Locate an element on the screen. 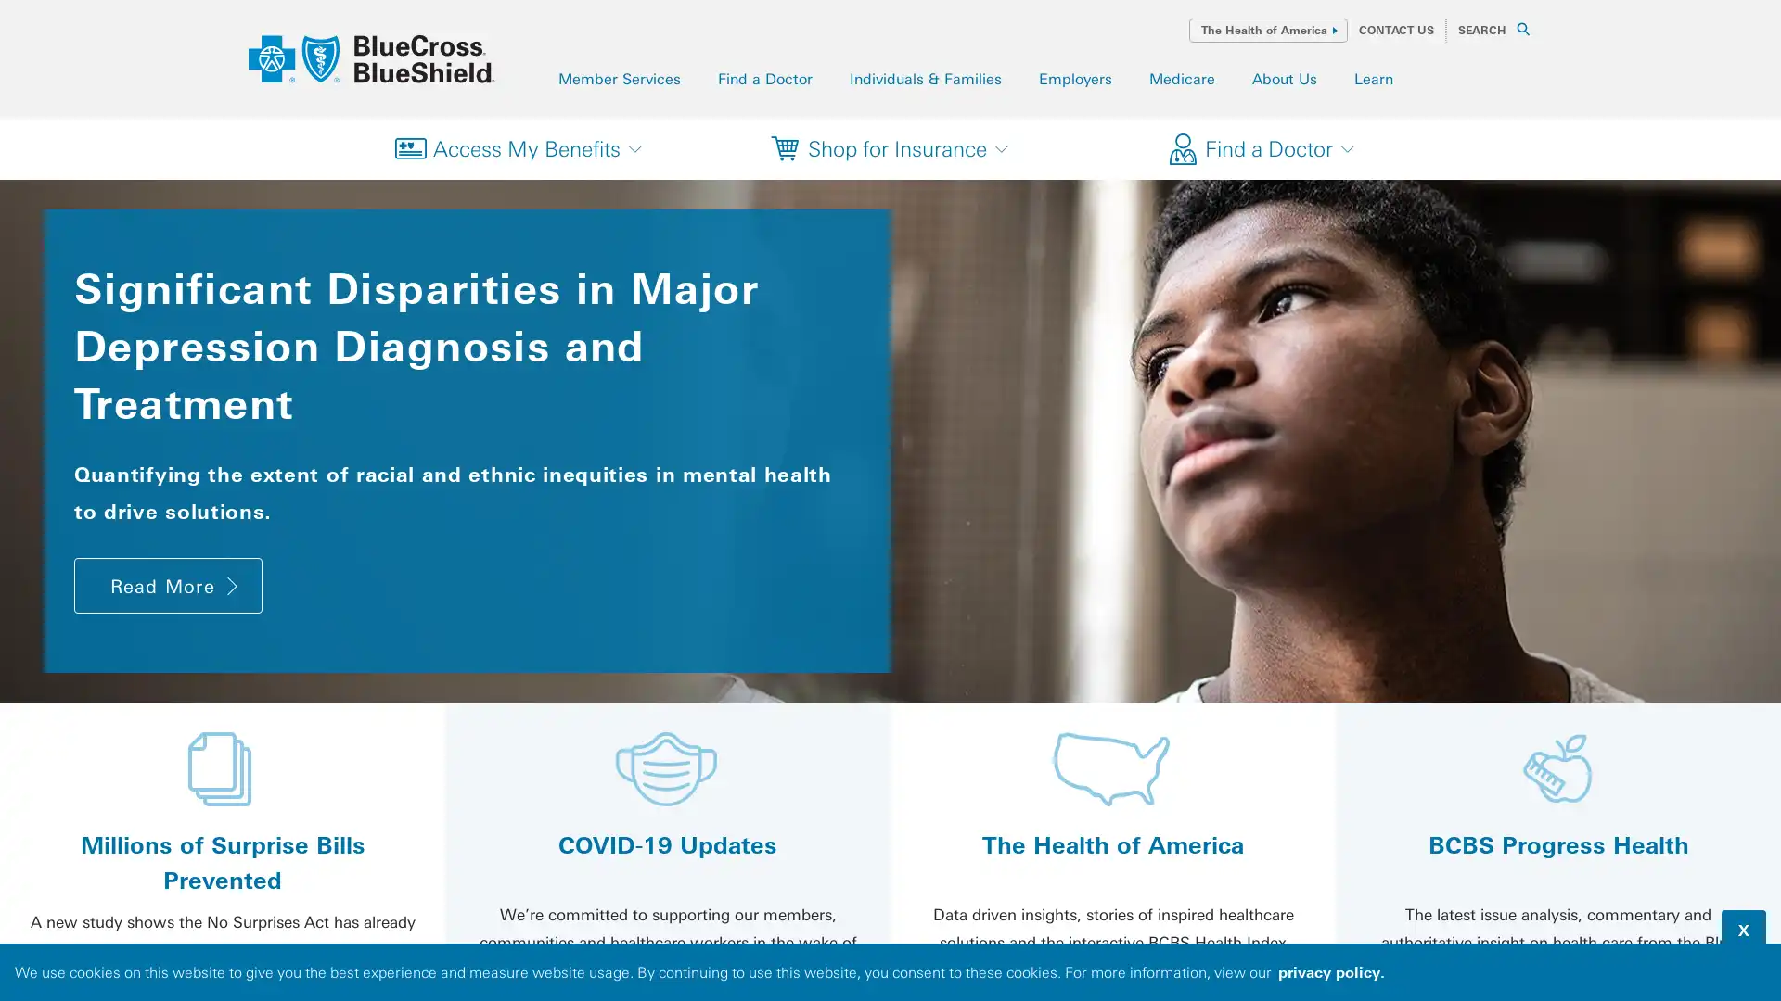 This screenshot has width=1781, height=1001. SEARCH is located at coordinates (1522, 29).